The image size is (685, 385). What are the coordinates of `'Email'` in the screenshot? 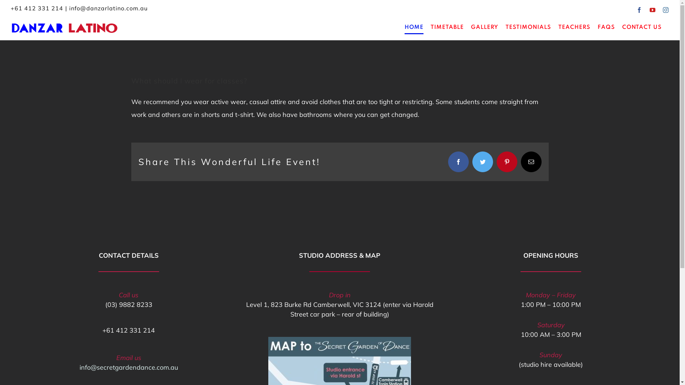 It's located at (531, 162).